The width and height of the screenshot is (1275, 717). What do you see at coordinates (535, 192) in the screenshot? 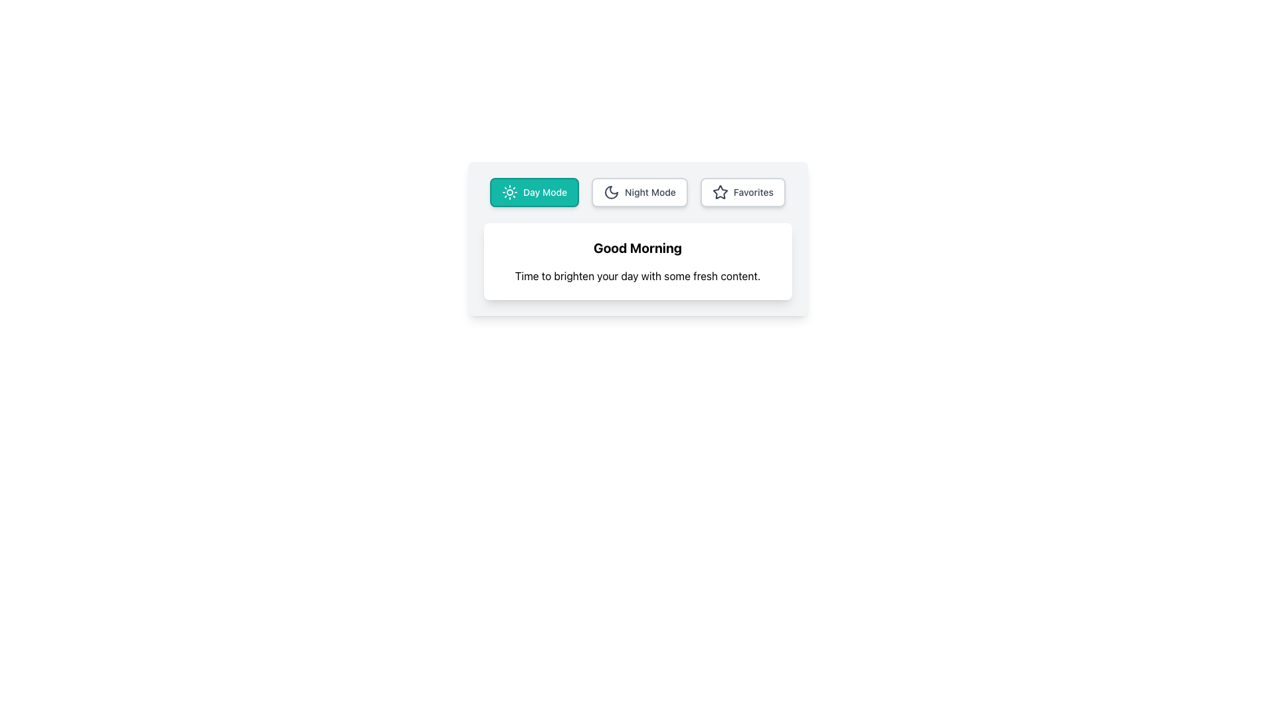
I see `the rectangular 'Day Mode' button with a teal background and a sun icon` at bounding box center [535, 192].